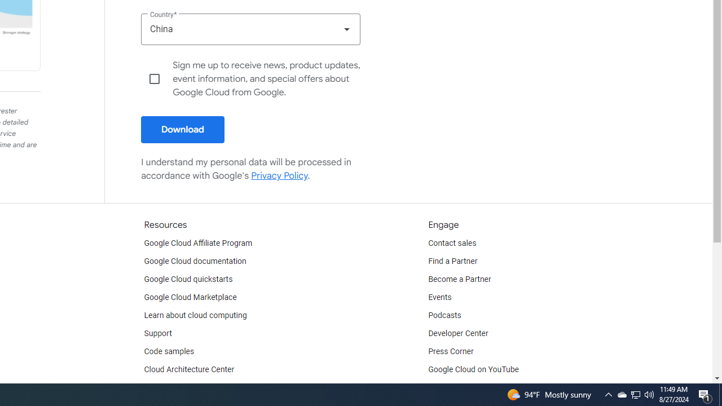  Describe the element at coordinates (195, 316) in the screenshot. I see `'Learn about cloud computing'` at that location.